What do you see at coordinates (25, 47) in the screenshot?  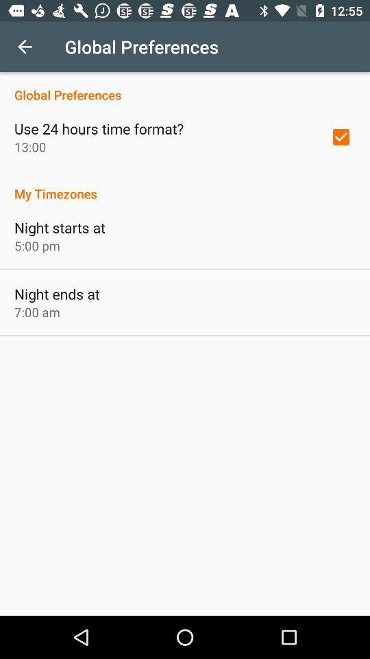 I see `icon above the global preferences item` at bounding box center [25, 47].